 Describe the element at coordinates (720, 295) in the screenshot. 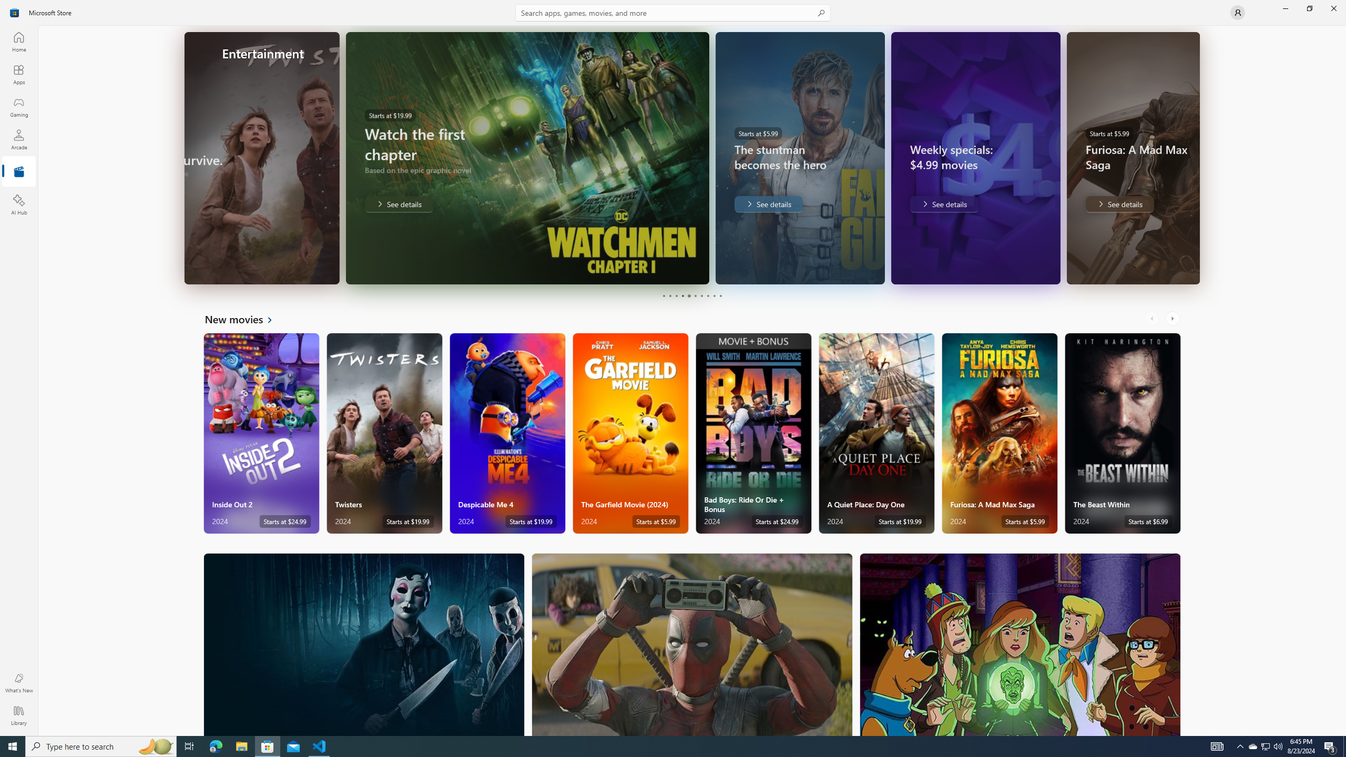

I see `'Page 10'` at that location.